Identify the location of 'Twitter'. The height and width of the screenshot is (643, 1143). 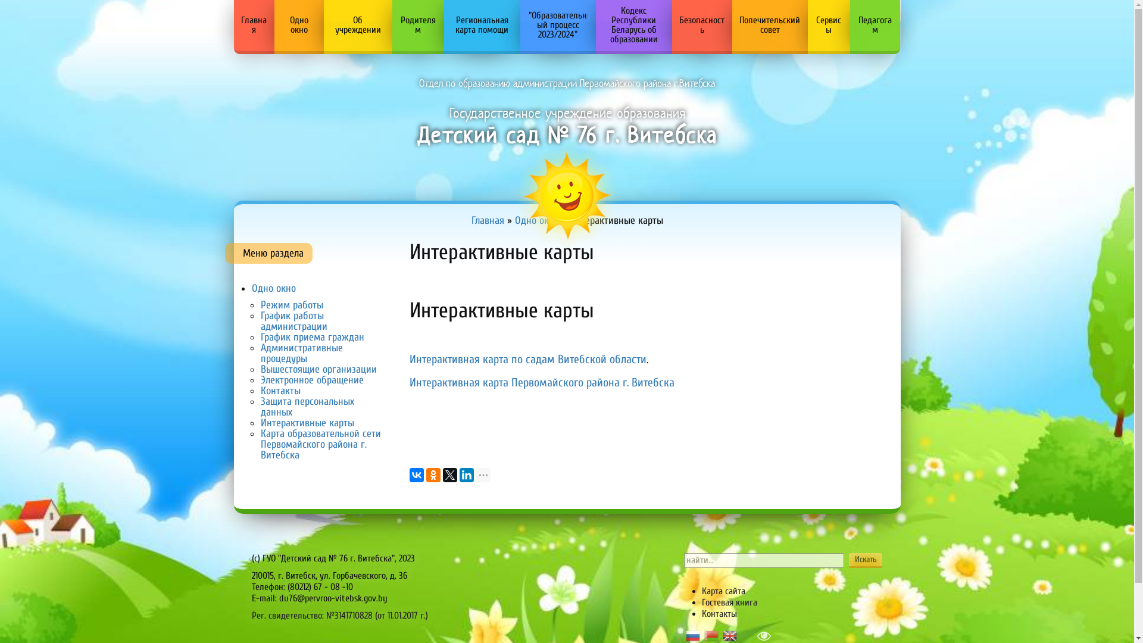
(449, 475).